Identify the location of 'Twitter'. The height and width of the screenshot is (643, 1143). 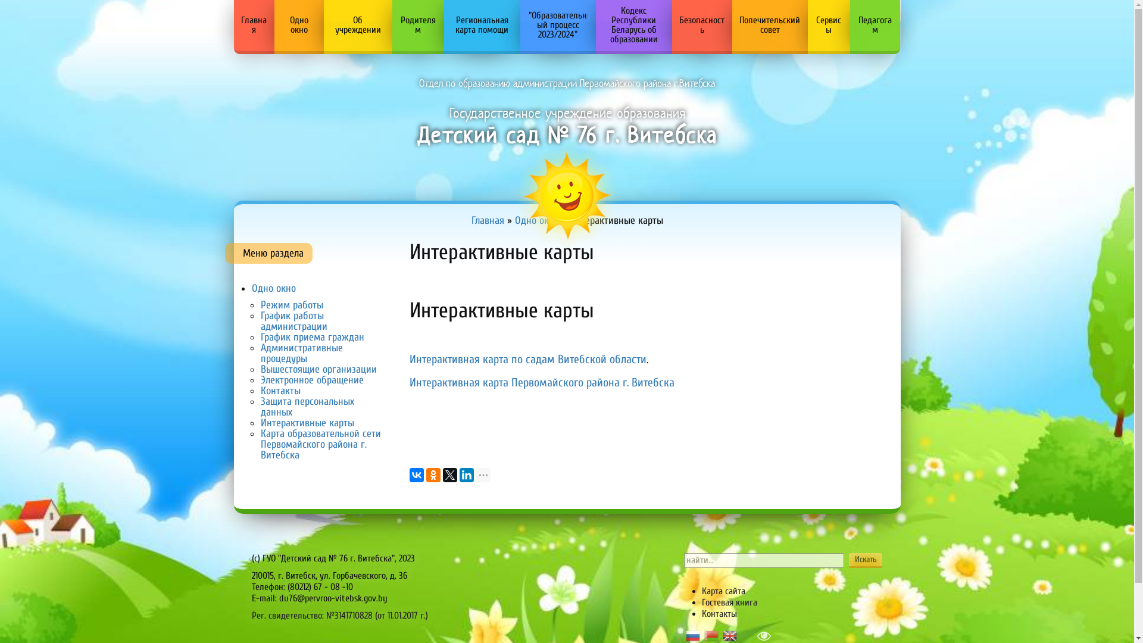
(449, 475).